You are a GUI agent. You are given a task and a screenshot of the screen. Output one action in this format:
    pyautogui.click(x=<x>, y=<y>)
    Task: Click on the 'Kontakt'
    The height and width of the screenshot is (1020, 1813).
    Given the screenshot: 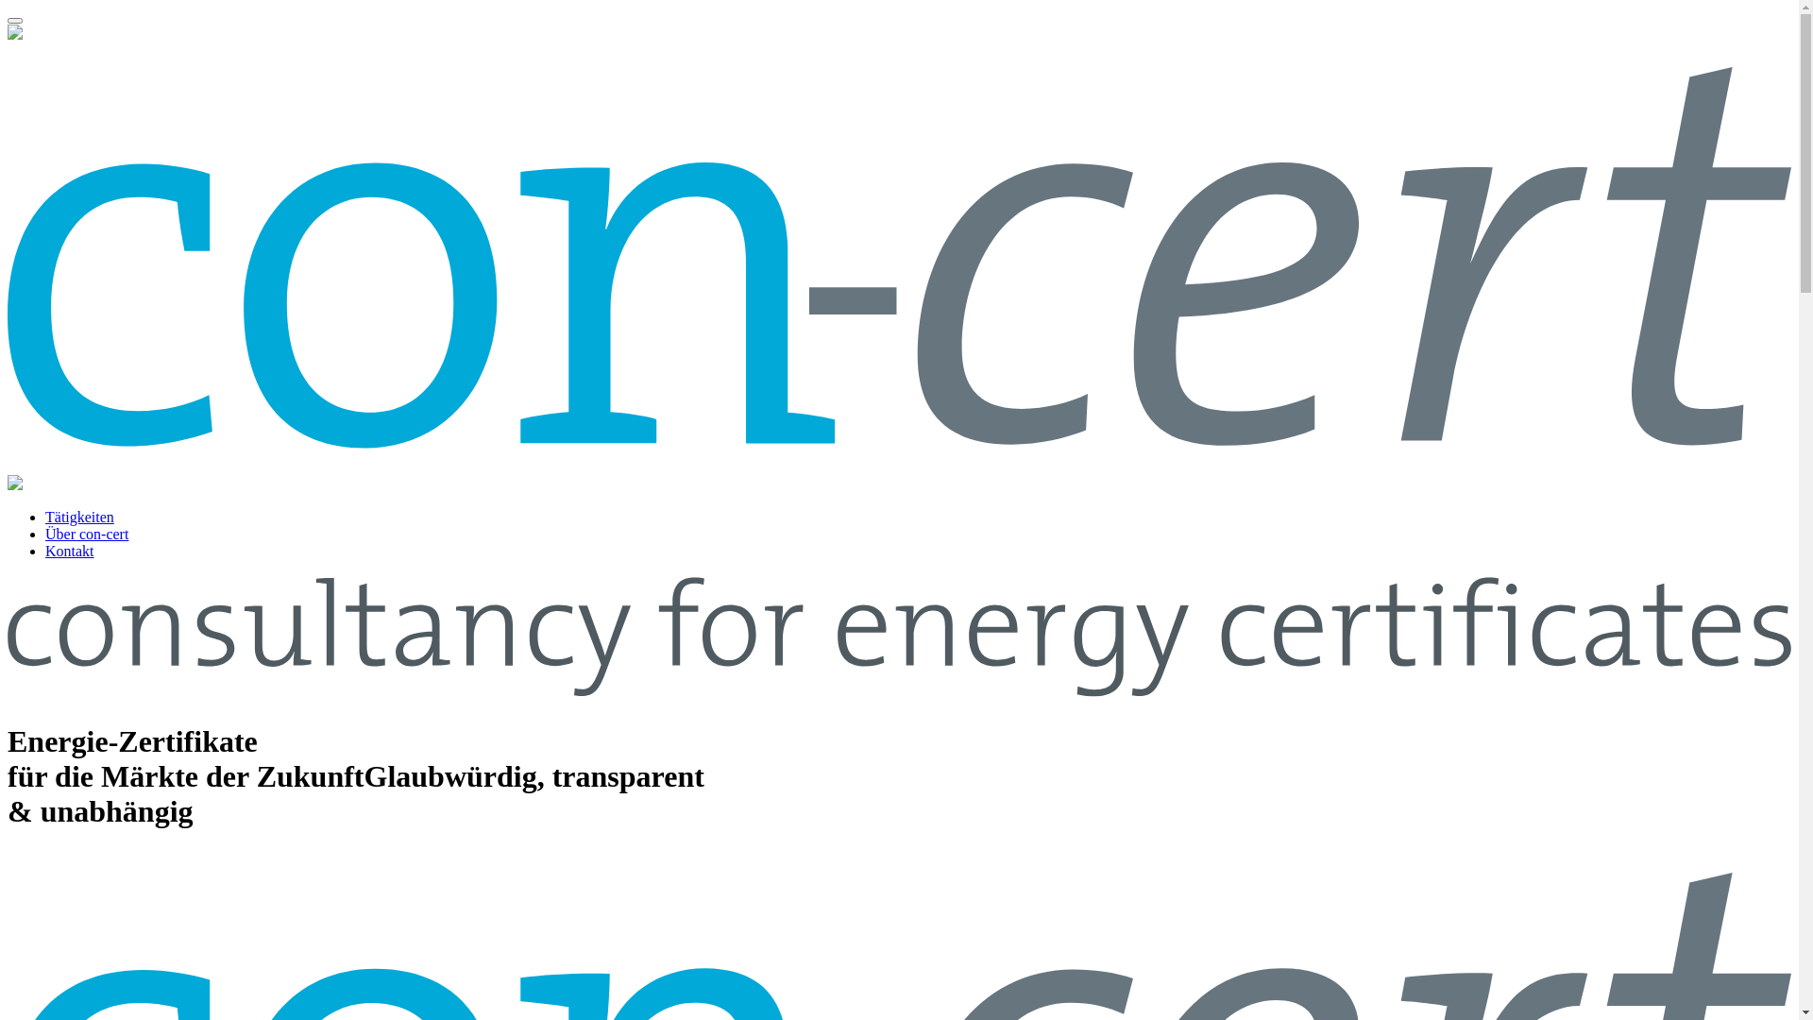 What is the action you would take?
    pyautogui.click(x=69, y=551)
    